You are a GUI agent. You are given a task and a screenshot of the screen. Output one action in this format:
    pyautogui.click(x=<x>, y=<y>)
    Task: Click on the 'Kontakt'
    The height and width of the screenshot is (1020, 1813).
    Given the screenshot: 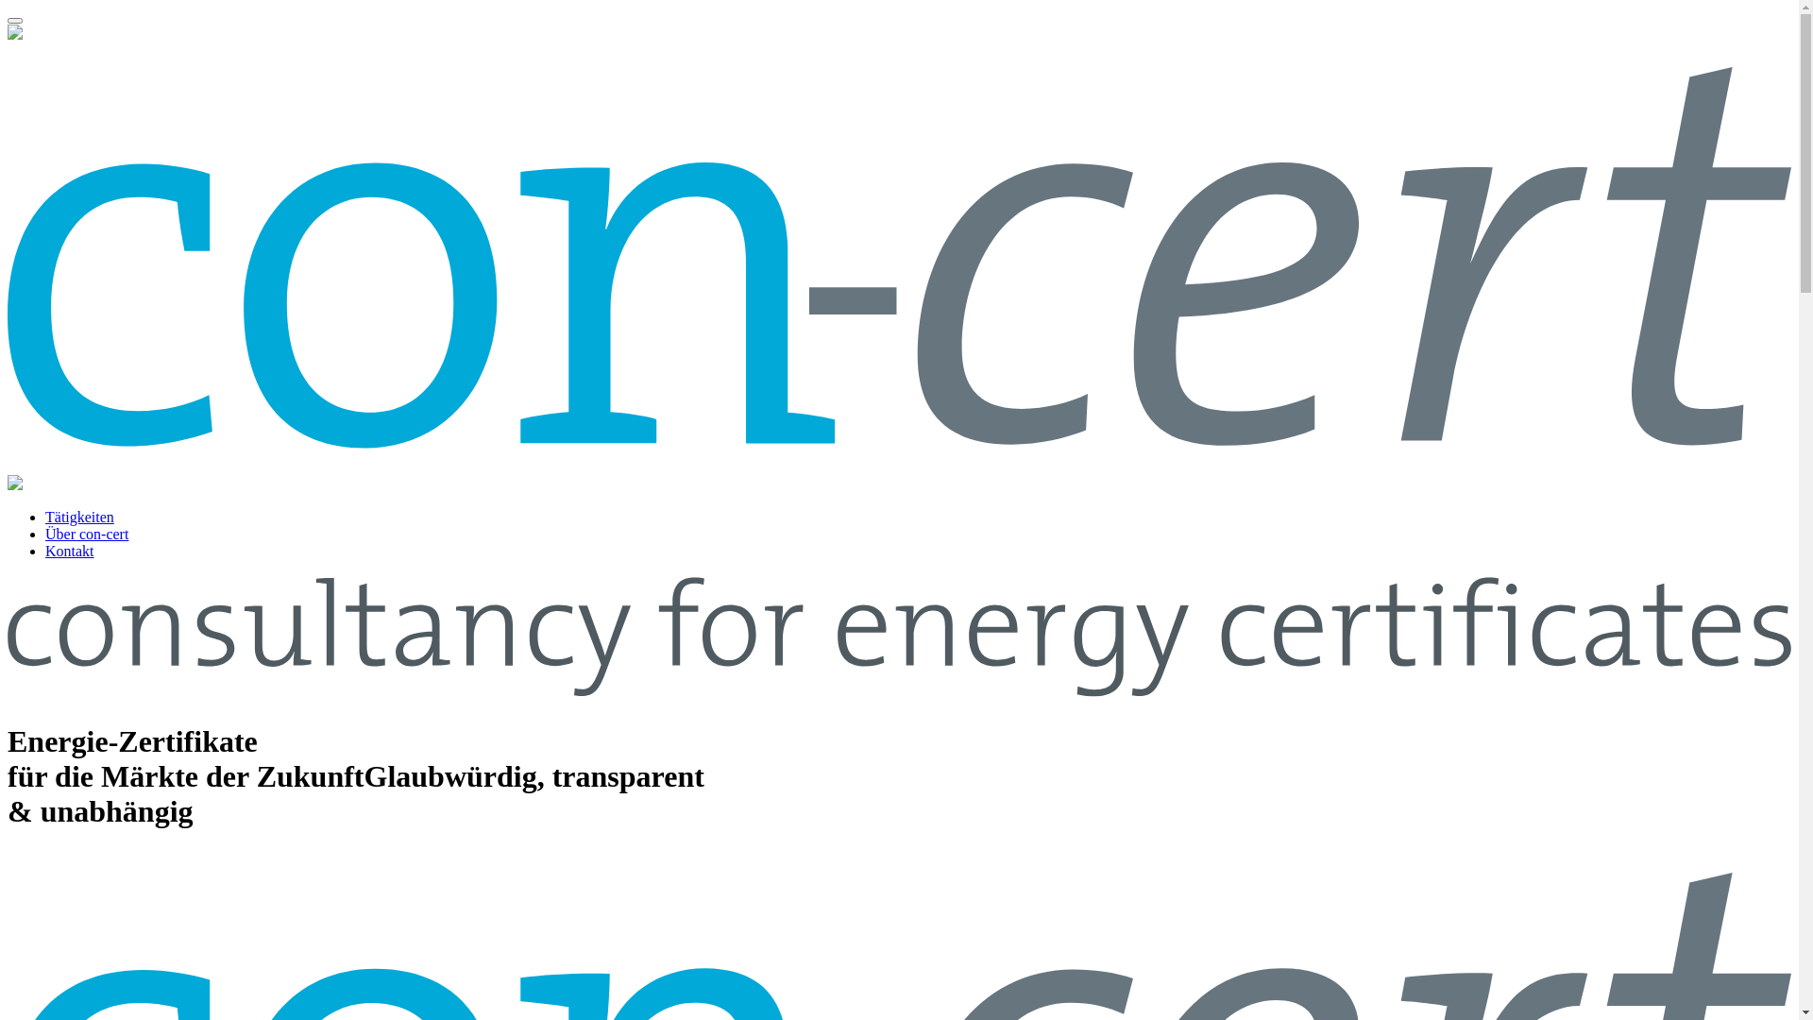 What is the action you would take?
    pyautogui.click(x=69, y=551)
    